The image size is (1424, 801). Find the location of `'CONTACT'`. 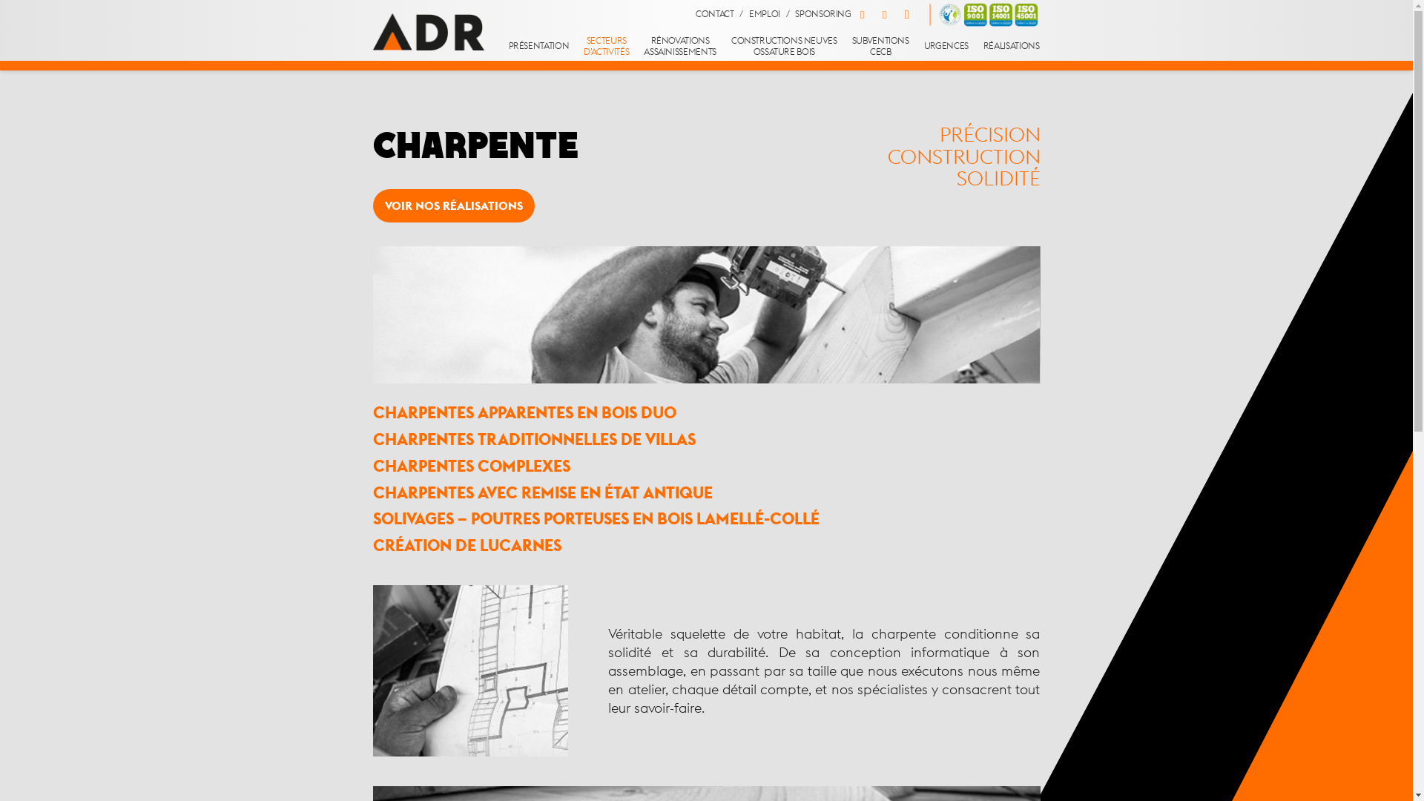

'CONTACT' is located at coordinates (694, 14).